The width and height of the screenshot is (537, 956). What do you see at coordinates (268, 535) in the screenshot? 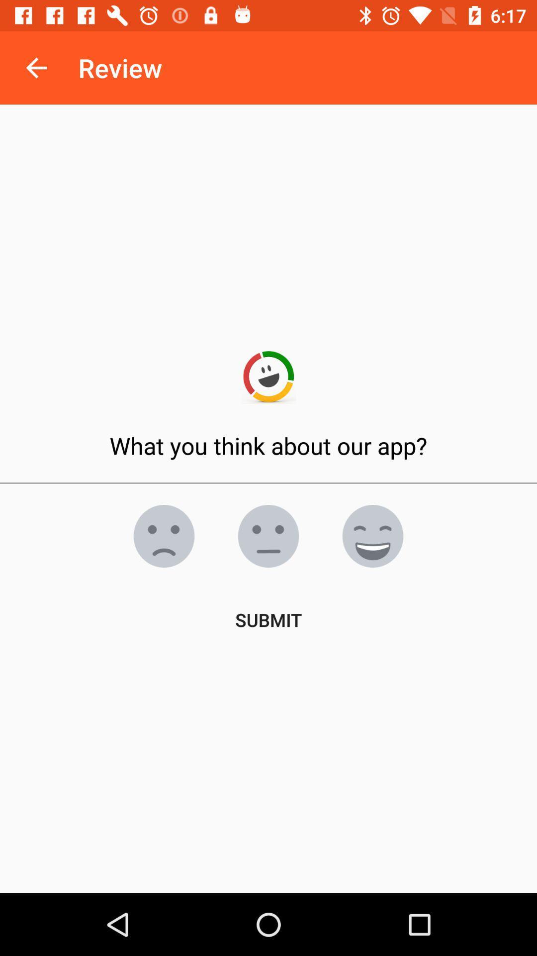
I see `the emoji icon` at bounding box center [268, 535].